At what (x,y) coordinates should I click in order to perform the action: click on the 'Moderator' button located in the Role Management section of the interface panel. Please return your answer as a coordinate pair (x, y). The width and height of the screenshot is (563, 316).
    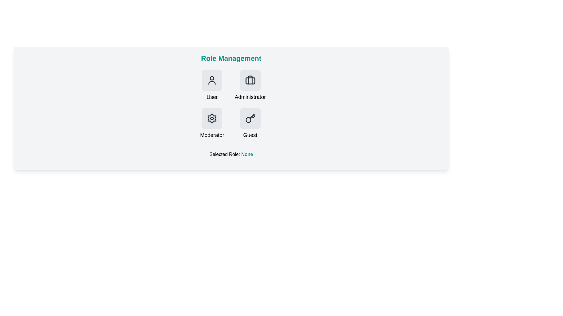
    Looking at the image, I should click on (212, 118).